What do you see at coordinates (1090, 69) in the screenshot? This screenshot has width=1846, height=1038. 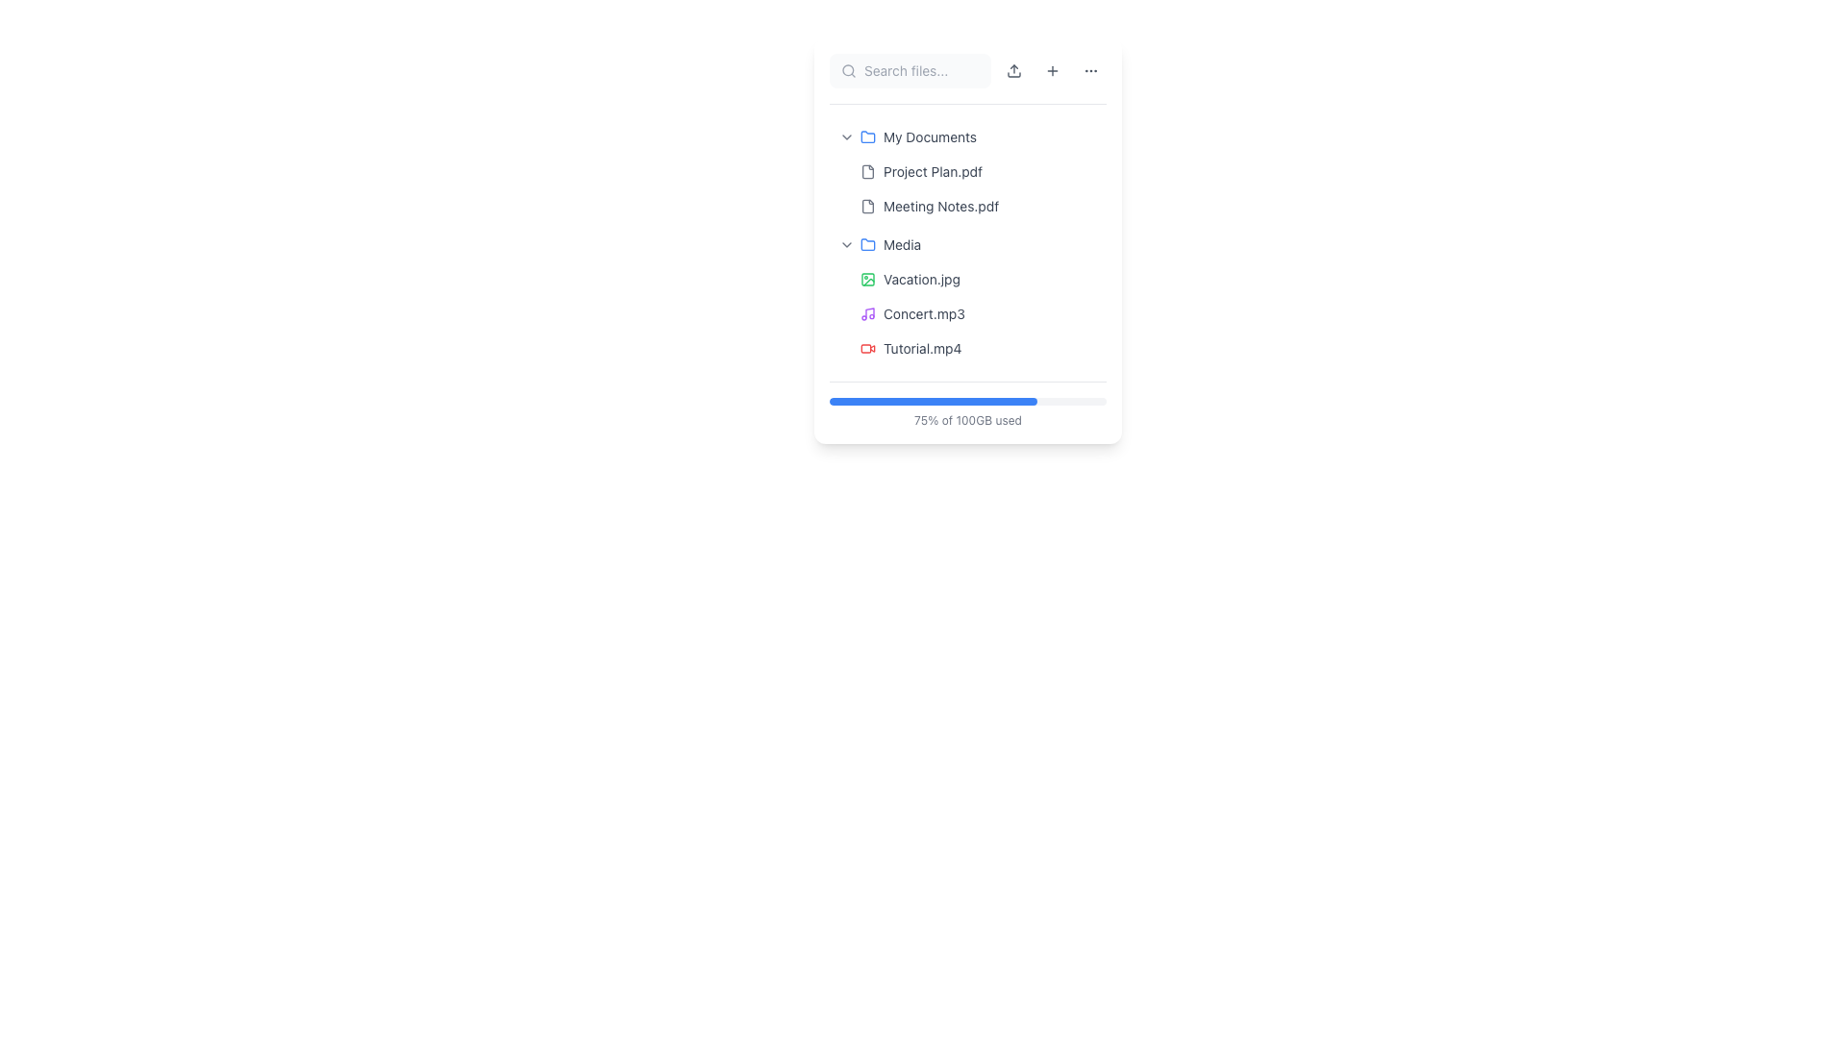 I see `the ellipsis button located in the upper-right corner of the panel, which is the last button in a sequence of small interactive icons and is positioned directly to the right of the '+' button` at bounding box center [1090, 69].